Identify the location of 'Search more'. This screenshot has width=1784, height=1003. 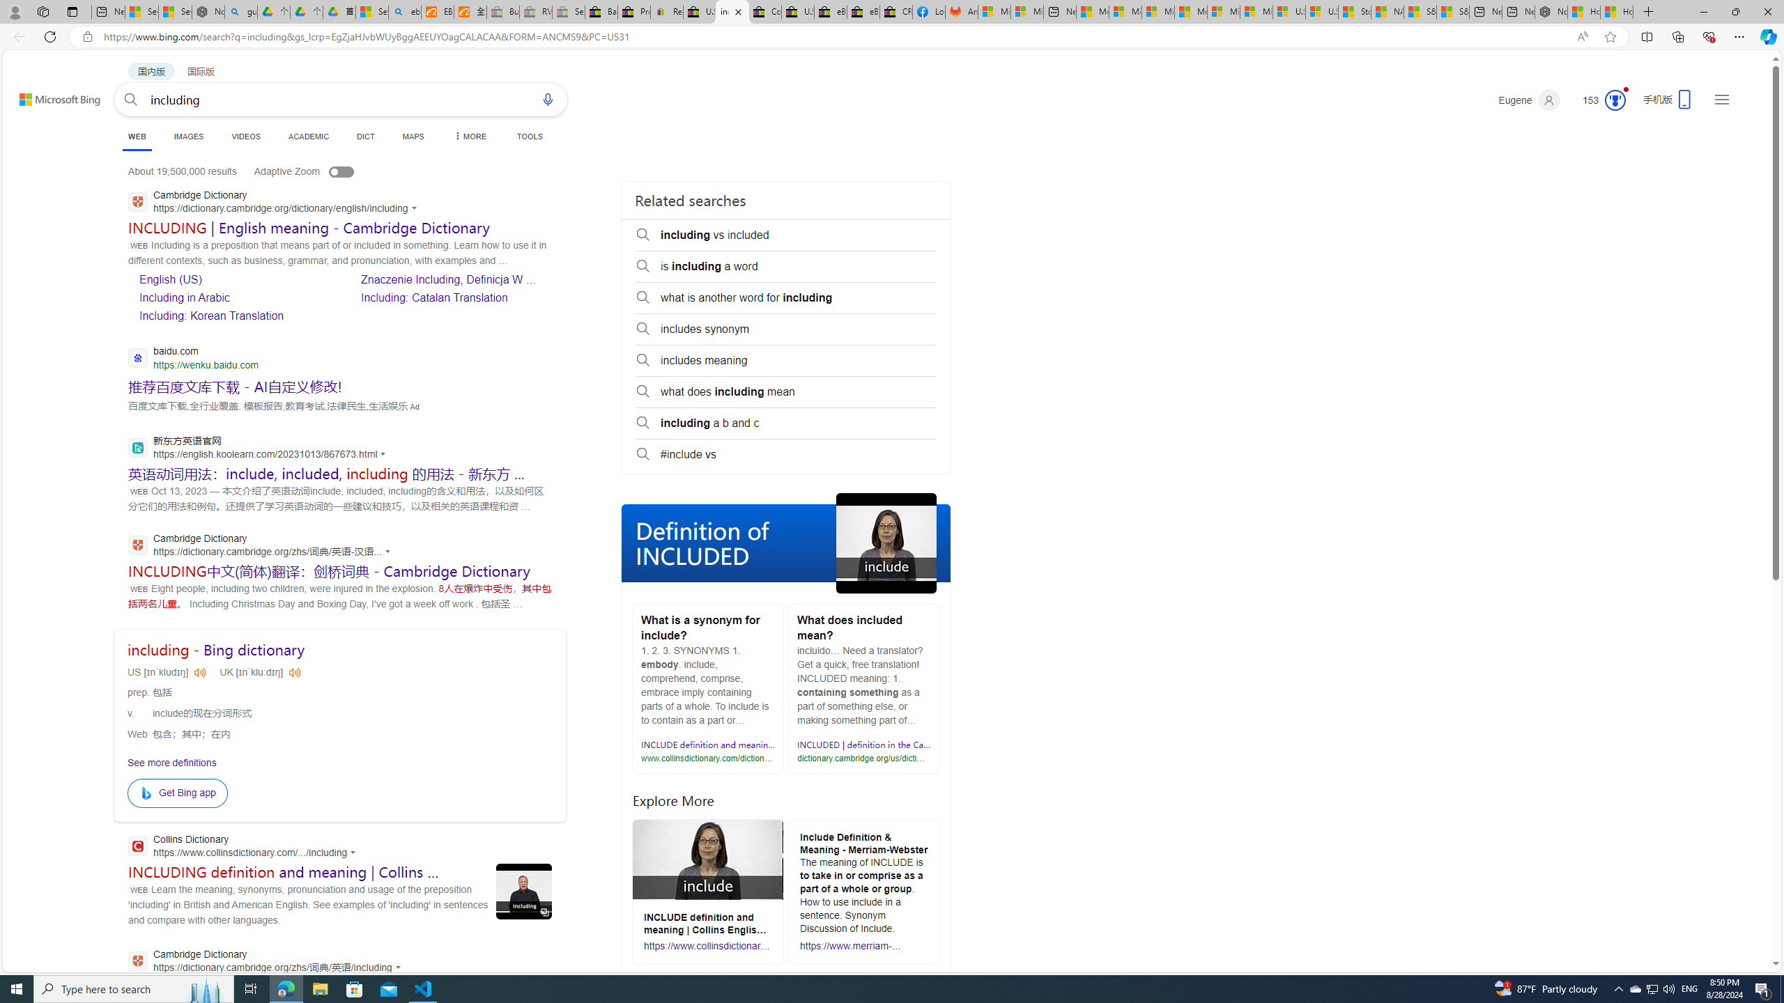
(1744, 922).